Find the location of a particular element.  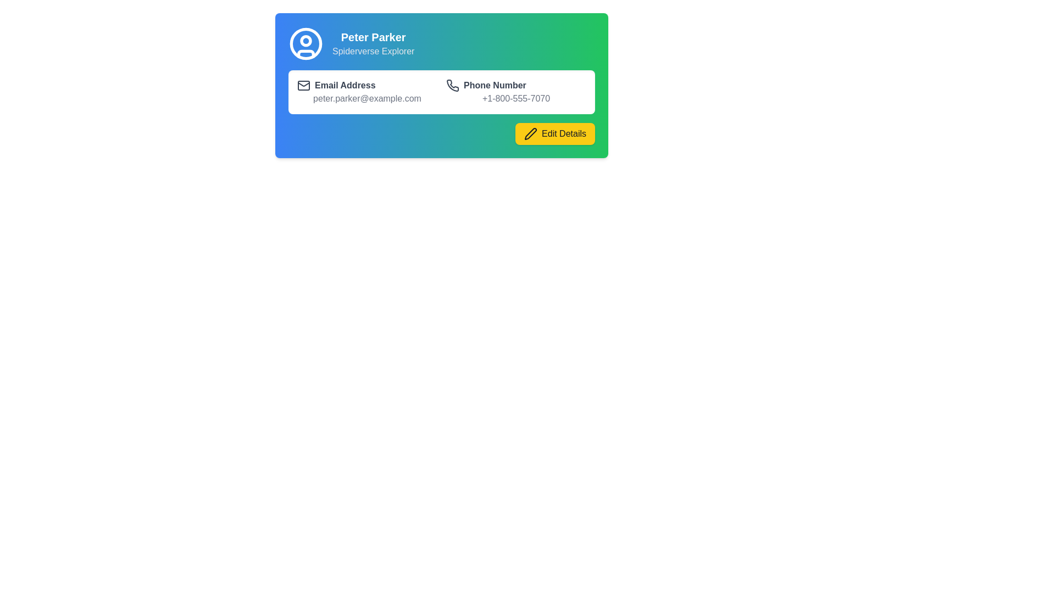

the phone icon, a minimalistic outline of a telephone handset, styled in dark gray, located to the left of the 'Phone Number' text is located at coordinates (453, 85).